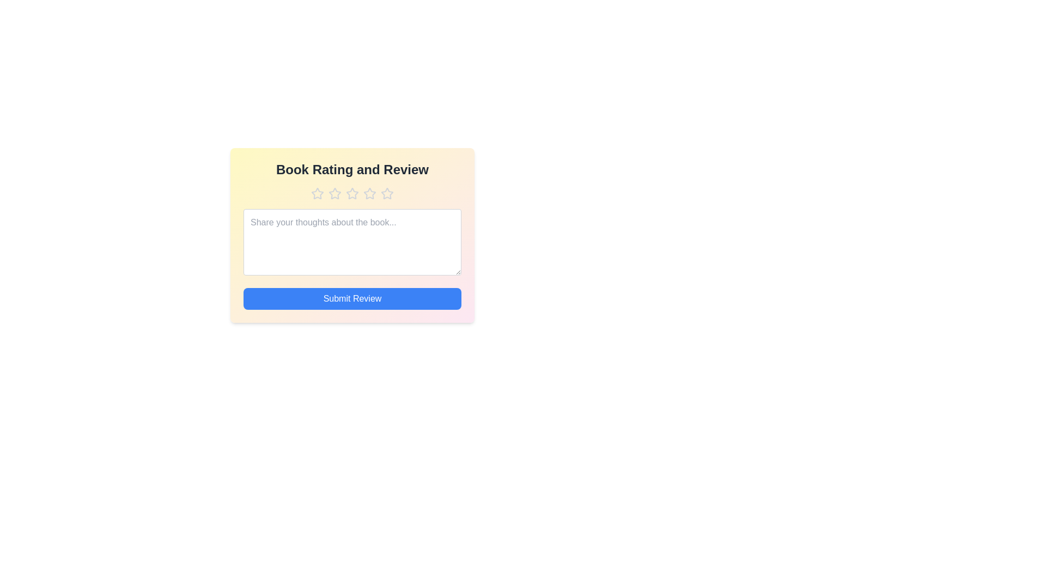 The height and width of the screenshot is (588, 1046). I want to click on the book rating to 1 stars by clicking on the corresponding star, so click(317, 193).